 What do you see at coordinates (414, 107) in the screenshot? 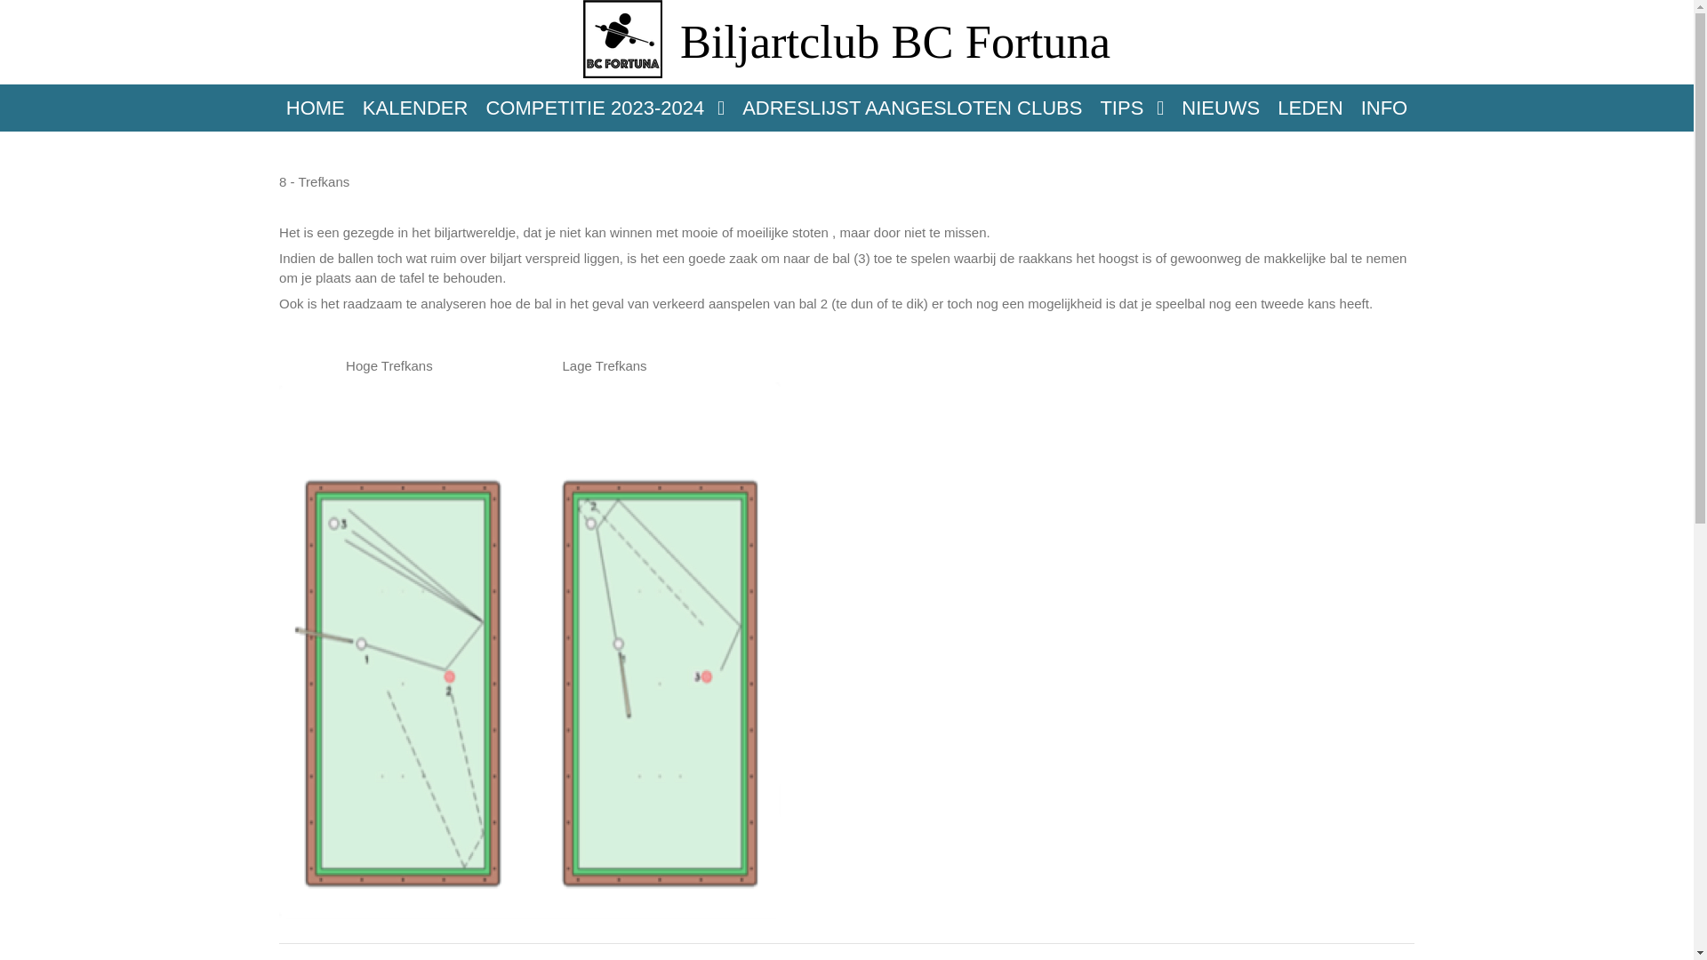
I see `'KALENDER'` at bounding box center [414, 107].